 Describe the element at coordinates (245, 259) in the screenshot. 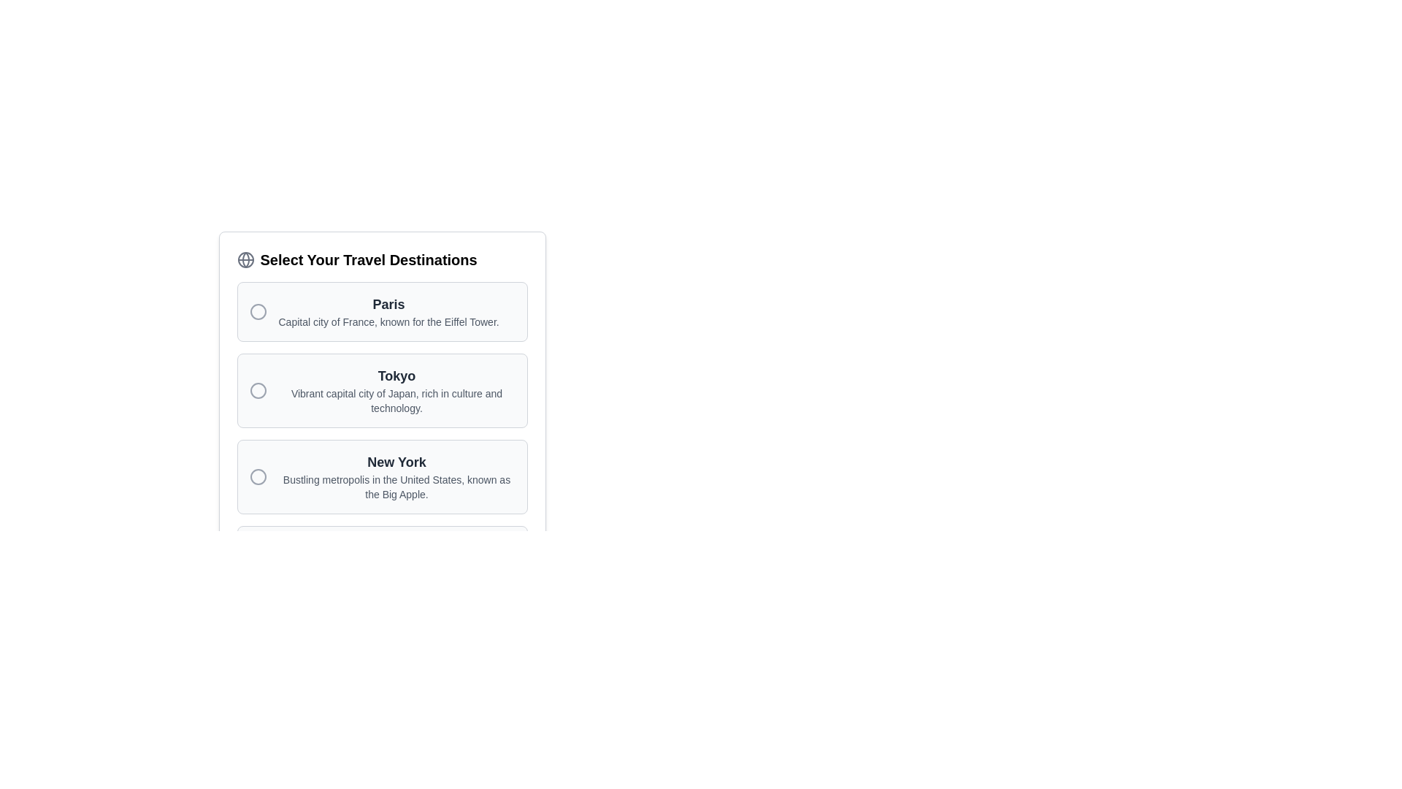

I see `the SVG graphical circle that is part of the globe icon used in the title 'Select Your Travel Destinations'` at that location.